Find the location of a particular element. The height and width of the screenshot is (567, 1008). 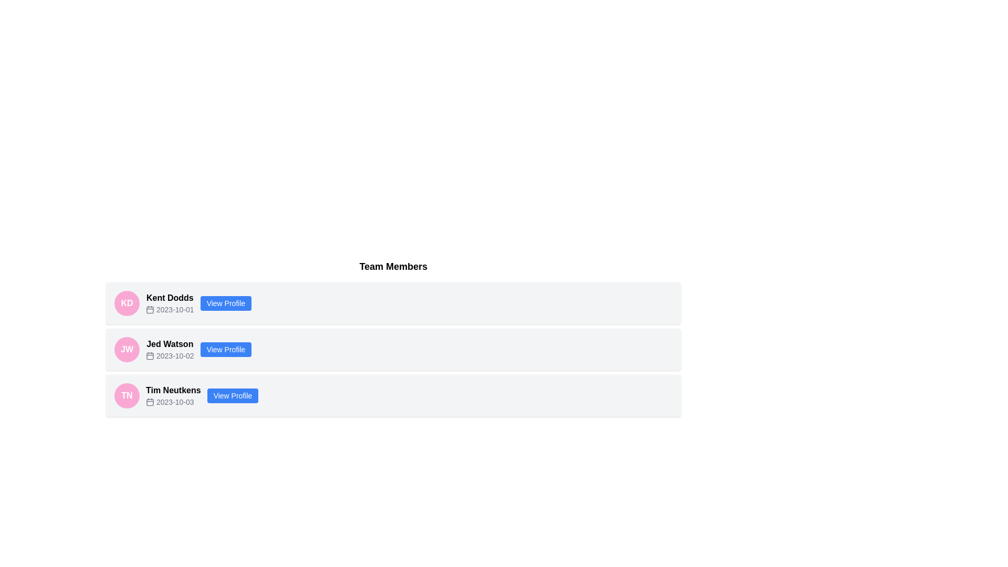

date text '2023-10-02' displayed next to the calendar icon in the second row of the user entries list is located at coordinates (170, 355).